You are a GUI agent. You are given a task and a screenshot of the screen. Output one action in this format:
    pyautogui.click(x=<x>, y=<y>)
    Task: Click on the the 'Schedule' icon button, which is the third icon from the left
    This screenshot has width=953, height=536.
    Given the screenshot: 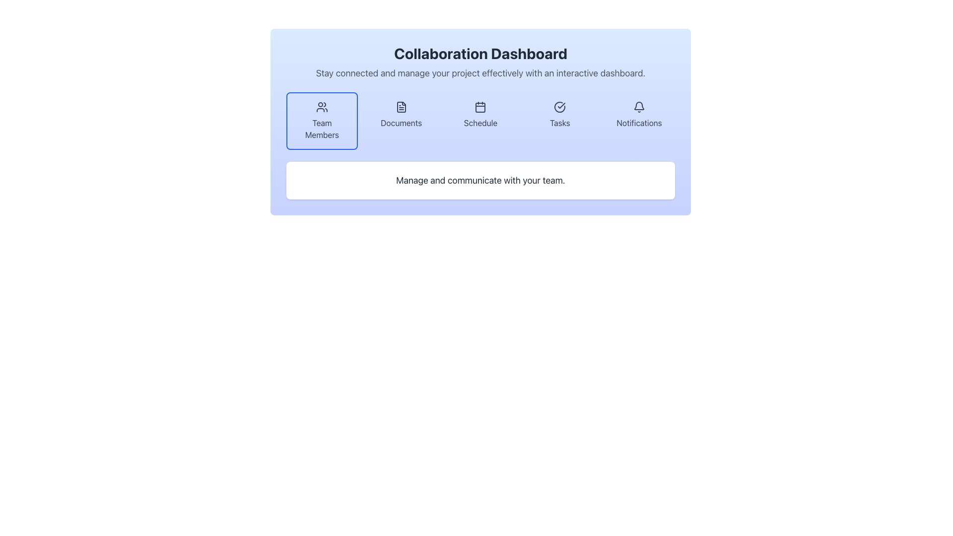 What is the action you would take?
    pyautogui.click(x=480, y=107)
    